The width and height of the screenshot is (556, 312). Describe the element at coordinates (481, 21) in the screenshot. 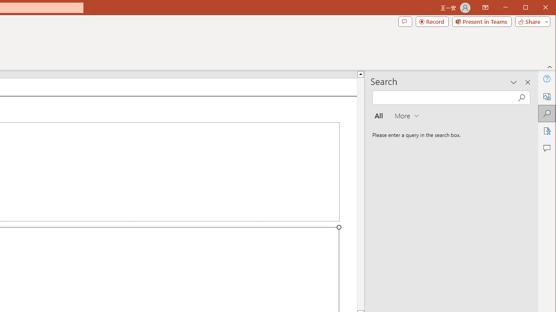

I see `'Present in Teams'` at that location.